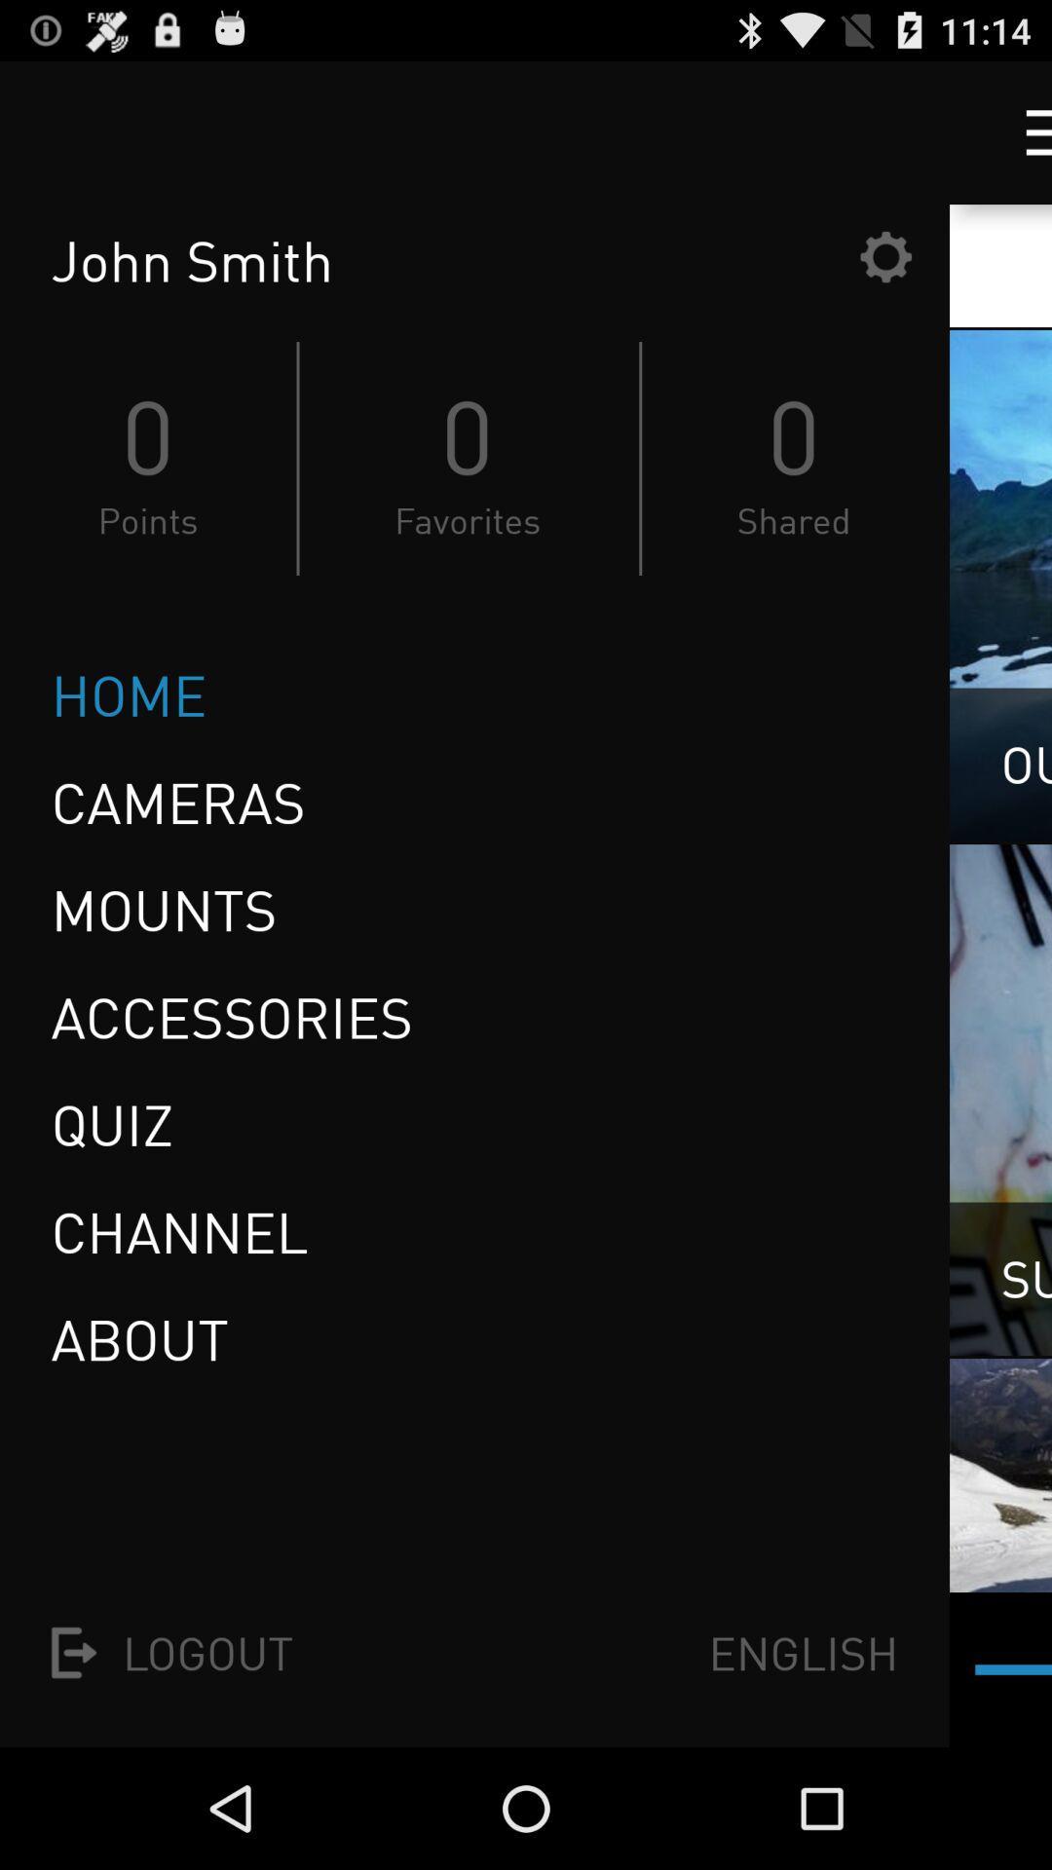  I want to click on english icon, so click(804, 1652).